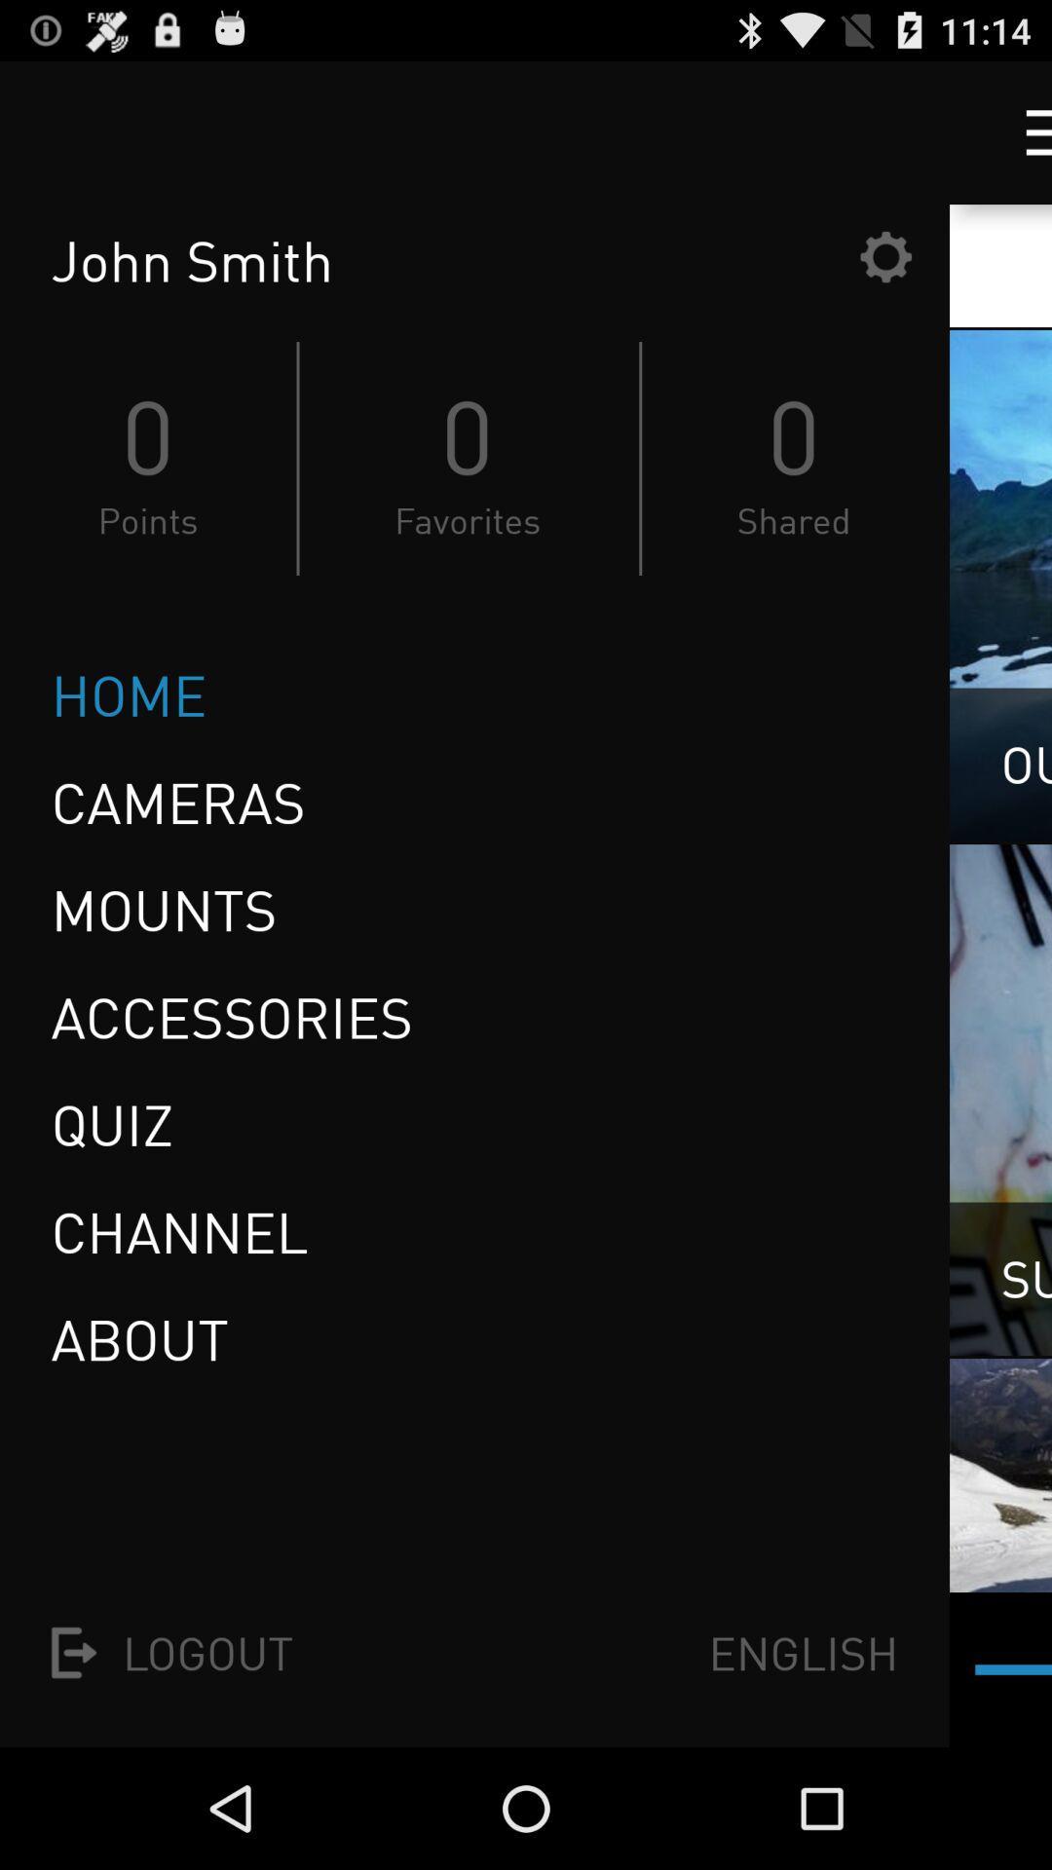  I want to click on english icon, so click(804, 1652).